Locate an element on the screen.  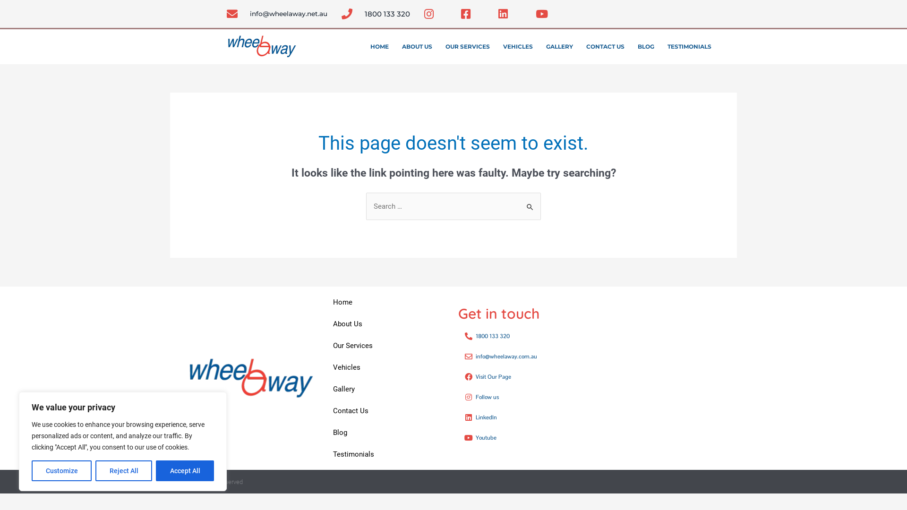
'Reject All' is located at coordinates (123, 470).